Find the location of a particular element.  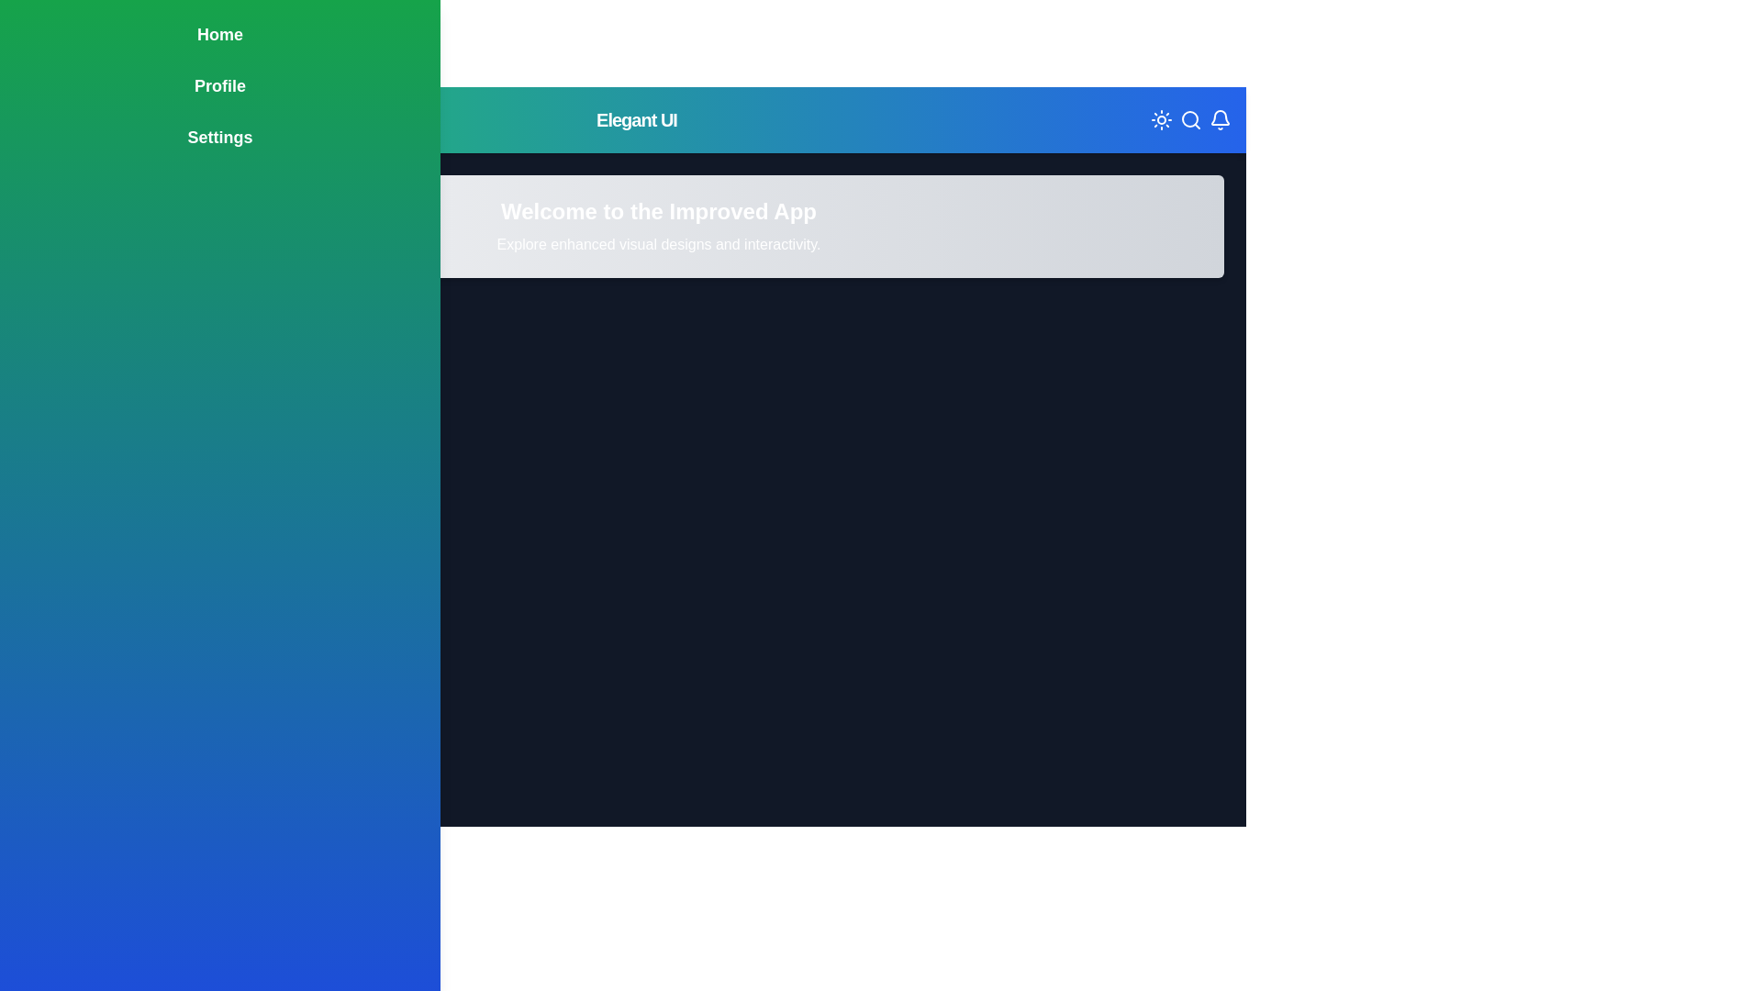

the menu item labeled Home is located at coordinates (220, 35).